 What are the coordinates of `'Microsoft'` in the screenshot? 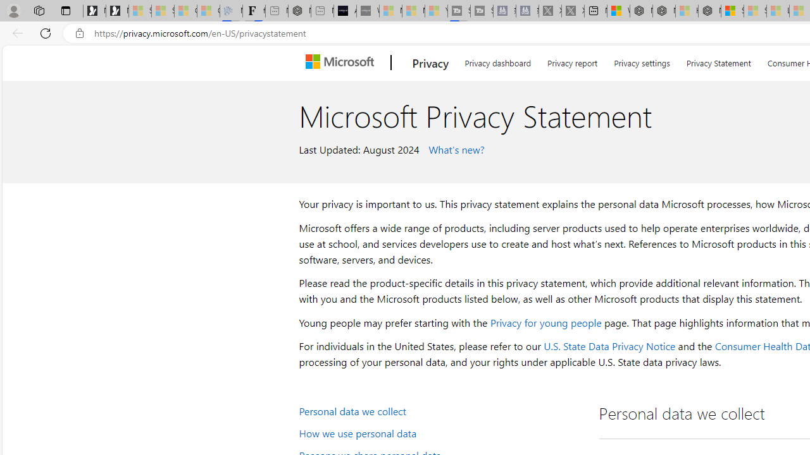 It's located at (342, 63).